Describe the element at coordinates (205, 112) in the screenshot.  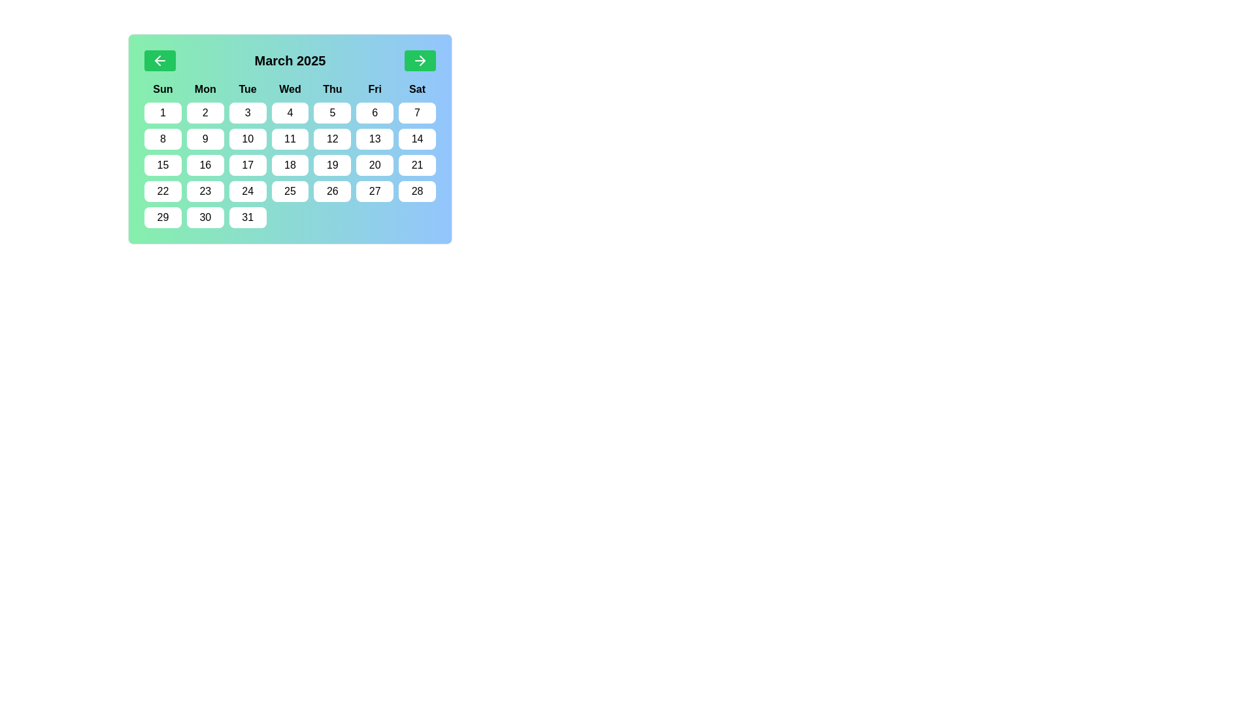
I see `the button that selects the date '2' in the calendar, located under the 'Mon' header and positioned in the second column of the first row` at that location.